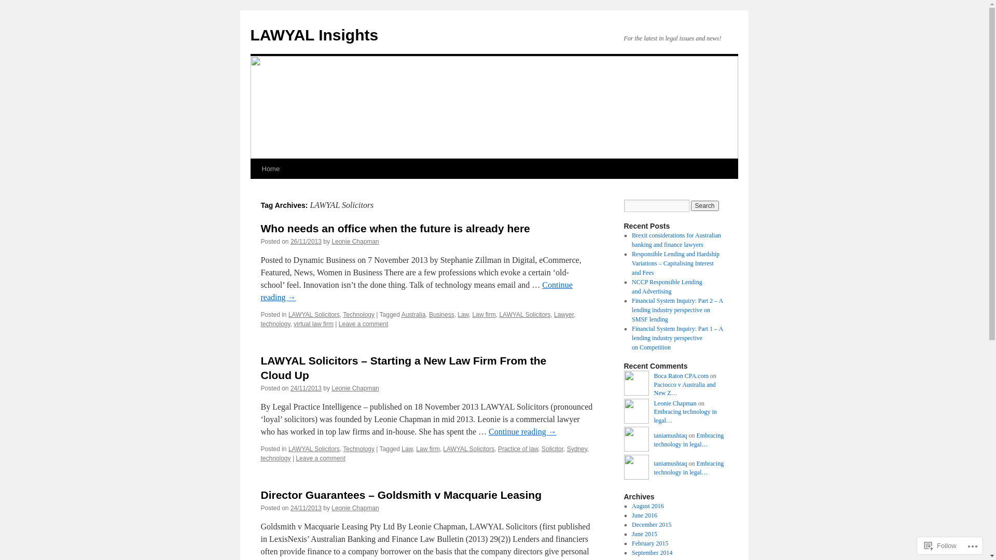 This screenshot has width=996, height=560. What do you see at coordinates (275, 323) in the screenshot?
I see `'technology'` at bounding box center [275, 323].